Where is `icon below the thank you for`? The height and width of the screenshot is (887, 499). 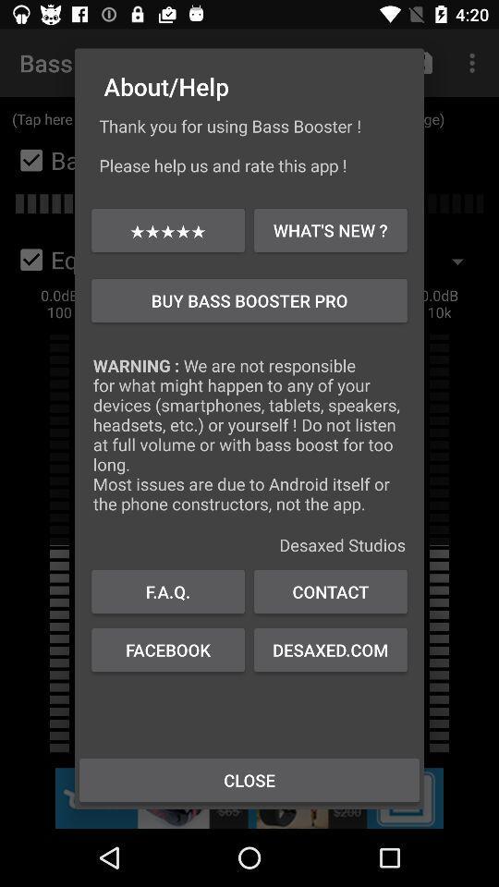
icon below the thank you for is located at coordinates (329, 229).